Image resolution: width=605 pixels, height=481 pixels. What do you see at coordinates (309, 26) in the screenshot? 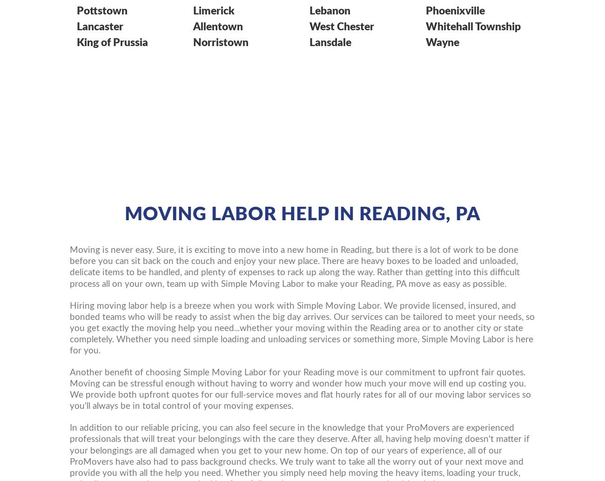
I see `'West Chester'` at bounding box center [309, 26].